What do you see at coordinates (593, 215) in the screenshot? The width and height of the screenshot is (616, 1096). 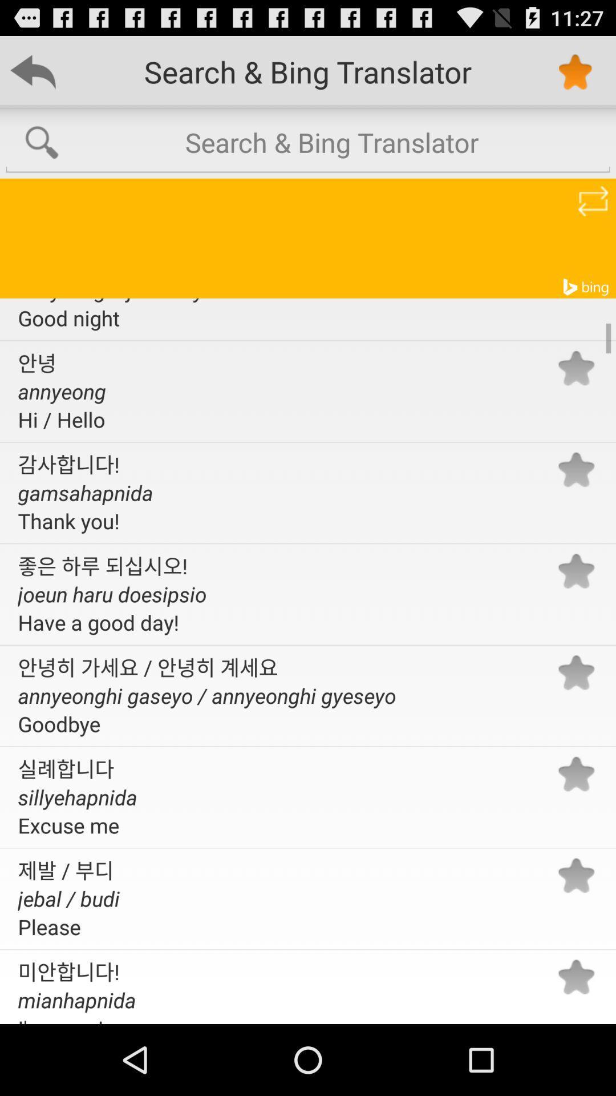 I see `the repeat icon` at bounding box center [593, 215].